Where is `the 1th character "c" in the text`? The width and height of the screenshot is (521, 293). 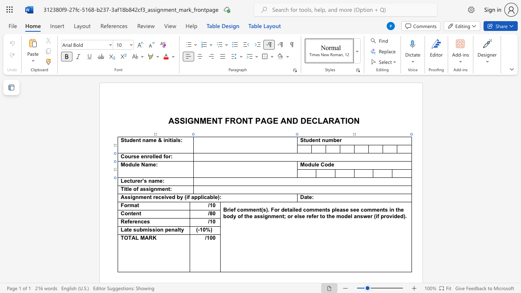 the 1th character "c" in the text is located at coordinates (205, 197).